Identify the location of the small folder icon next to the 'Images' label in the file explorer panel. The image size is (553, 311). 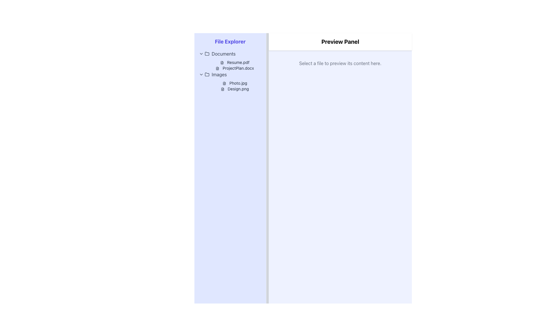
(207, 74).